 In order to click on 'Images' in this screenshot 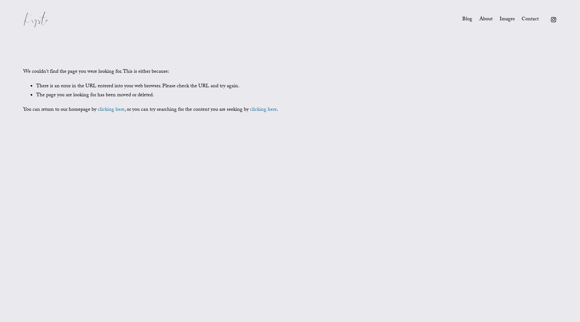, I will do `click(506, 19)`.